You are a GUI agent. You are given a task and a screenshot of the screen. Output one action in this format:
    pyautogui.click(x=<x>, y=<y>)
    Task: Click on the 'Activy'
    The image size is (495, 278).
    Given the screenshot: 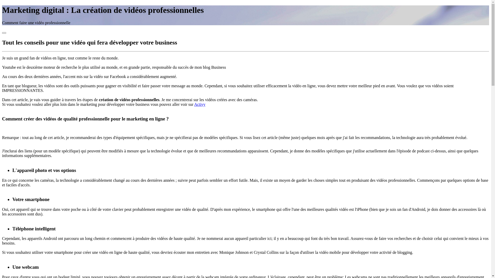 What is the action you would take?
    pyautogui.click(x=199, y=104)
    